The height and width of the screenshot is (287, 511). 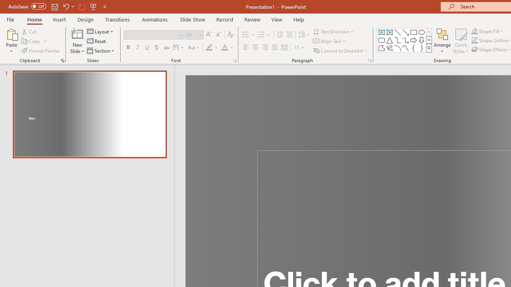 What do you see at coordinates (41, 51) in the screenshot?
I see `'Format Painter'` at bounding box center [41, 51].